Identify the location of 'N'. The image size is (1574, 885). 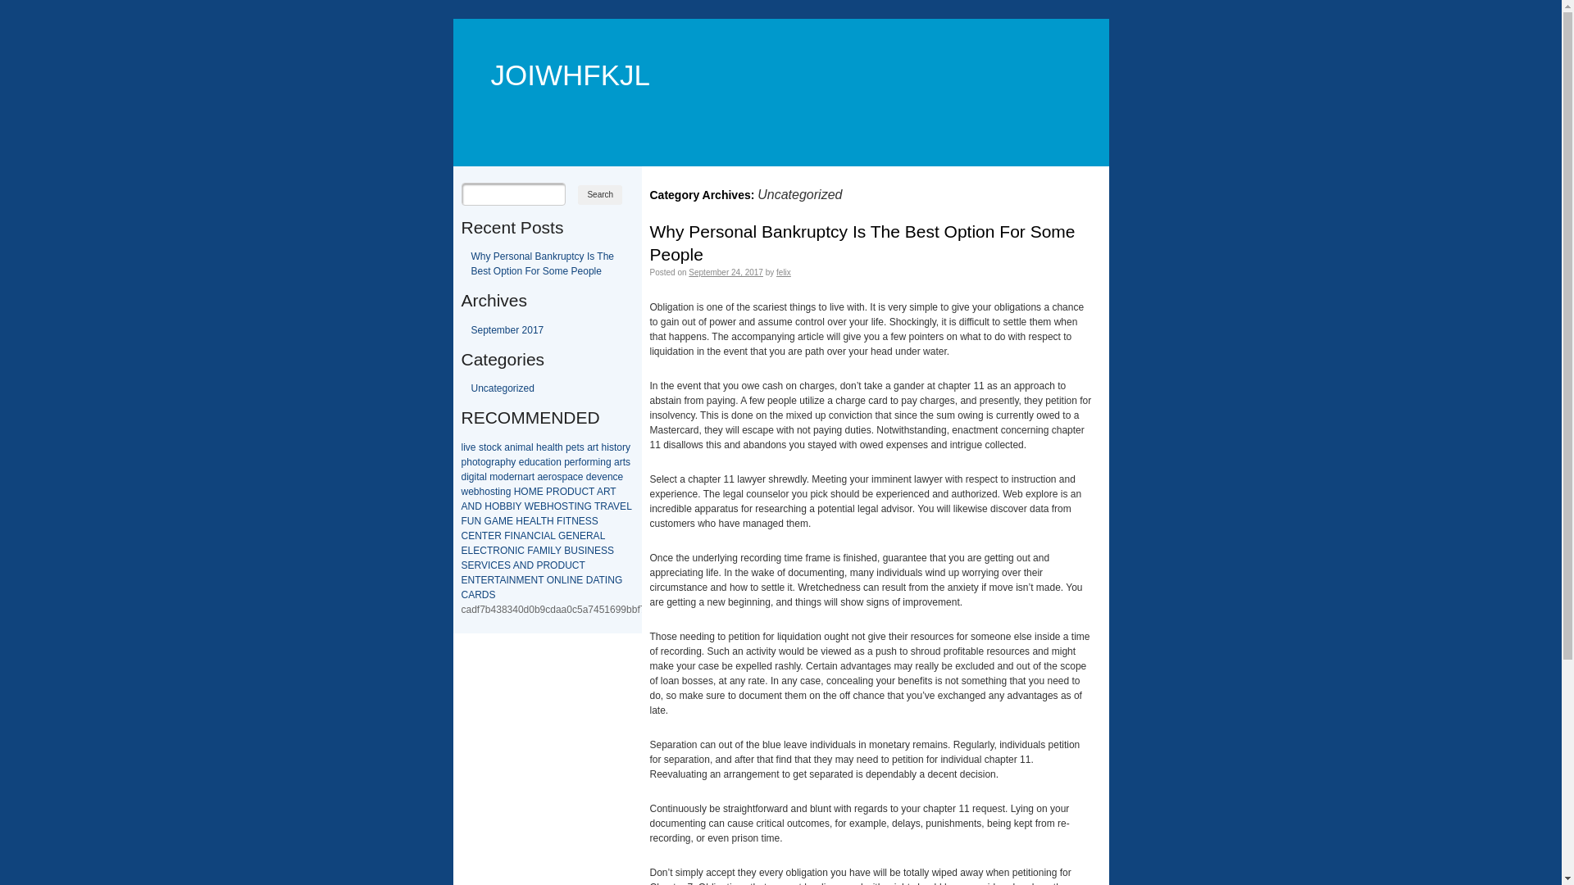
(580, 505).